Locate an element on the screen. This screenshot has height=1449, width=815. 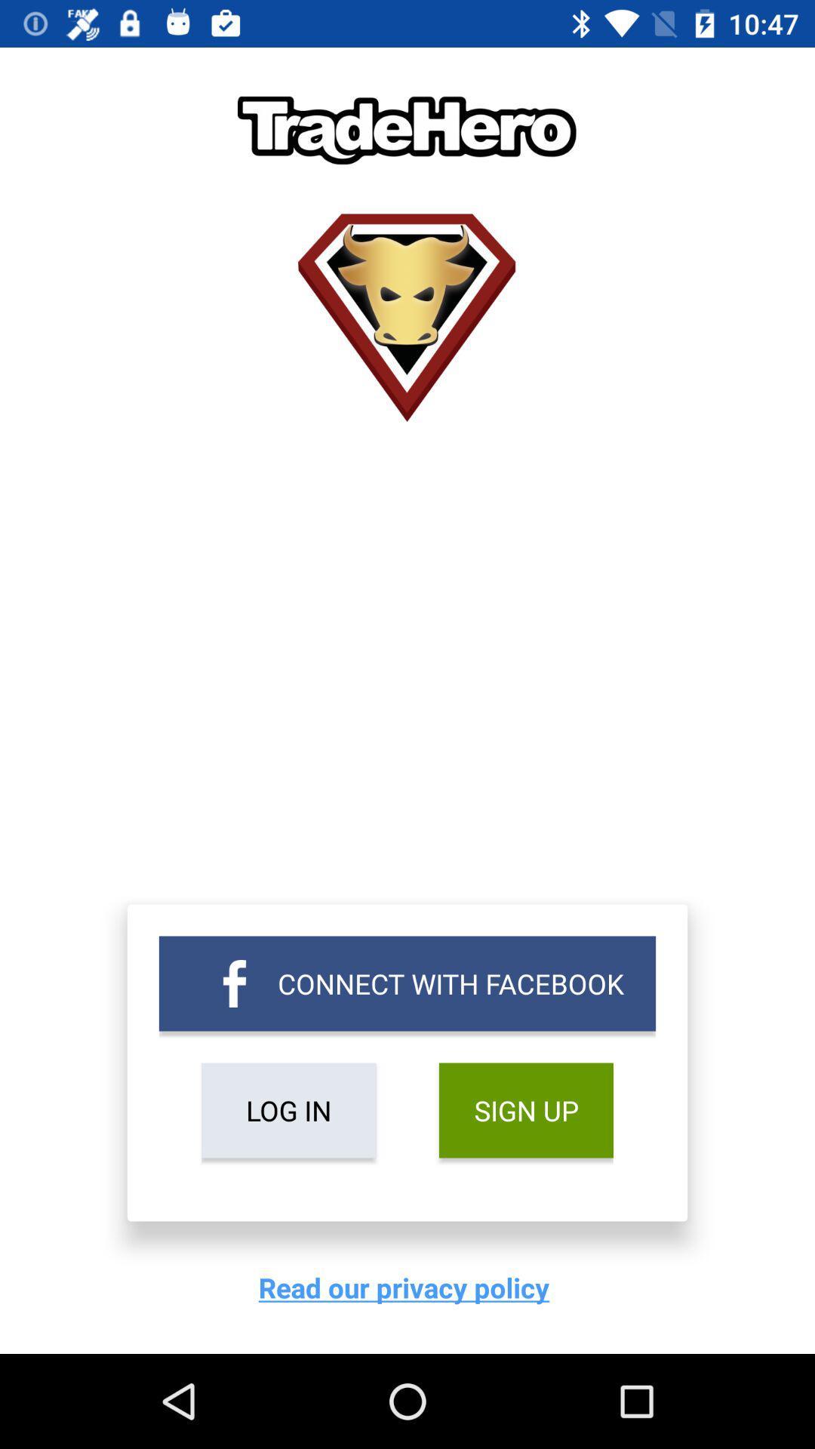
the icon above read our privacy is located at coordinates (525, 1110).